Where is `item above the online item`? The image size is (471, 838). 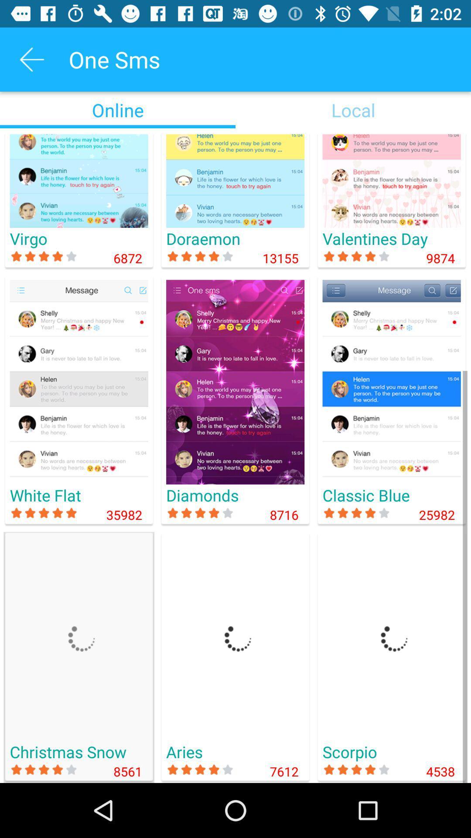 item above the online item is located at coordinates (31, 59).